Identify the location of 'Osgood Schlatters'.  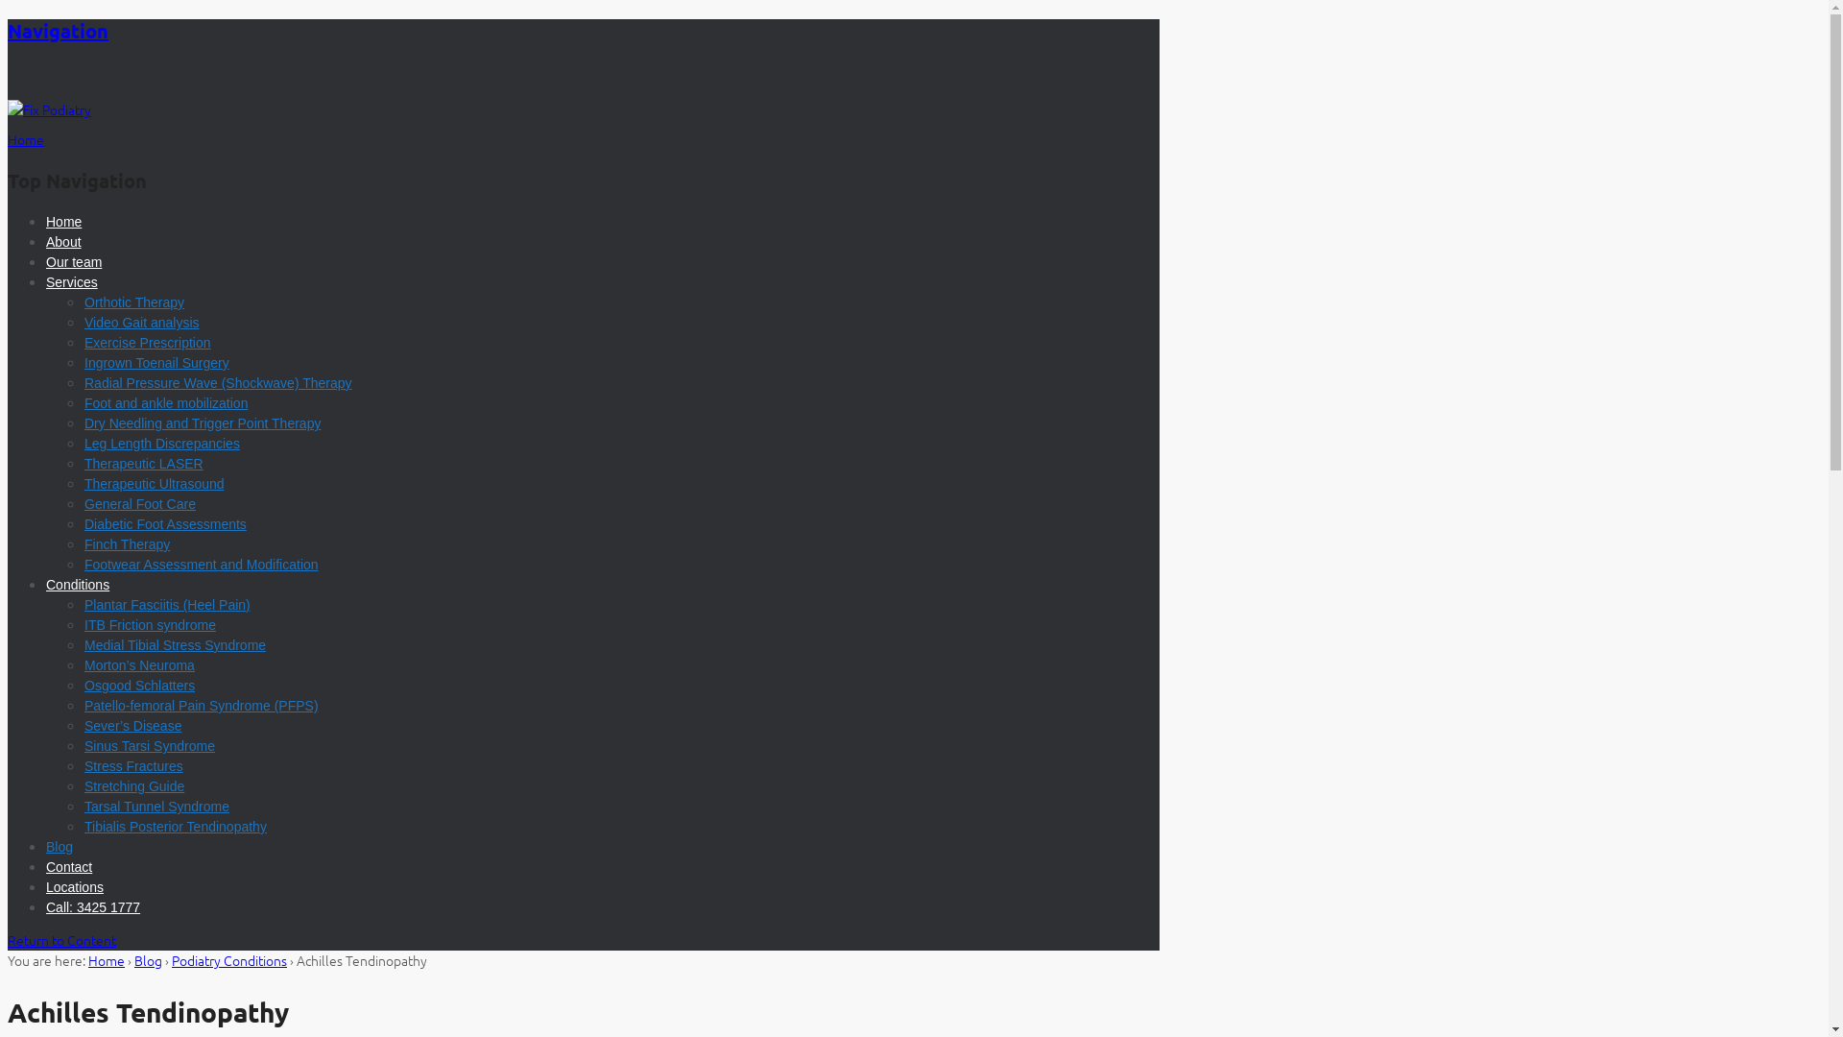
(138, 684).